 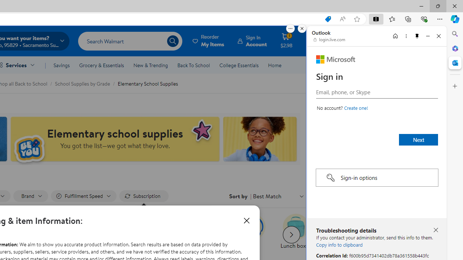 I want to click on 'Enter your email, phone, or Skype.', so click(x=377, y=91).